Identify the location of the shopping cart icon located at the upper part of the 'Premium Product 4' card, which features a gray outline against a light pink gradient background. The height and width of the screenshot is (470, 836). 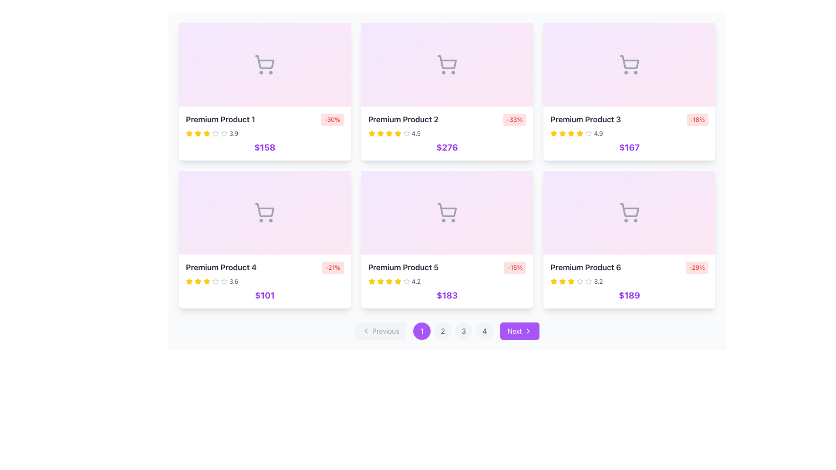
(264, 213).